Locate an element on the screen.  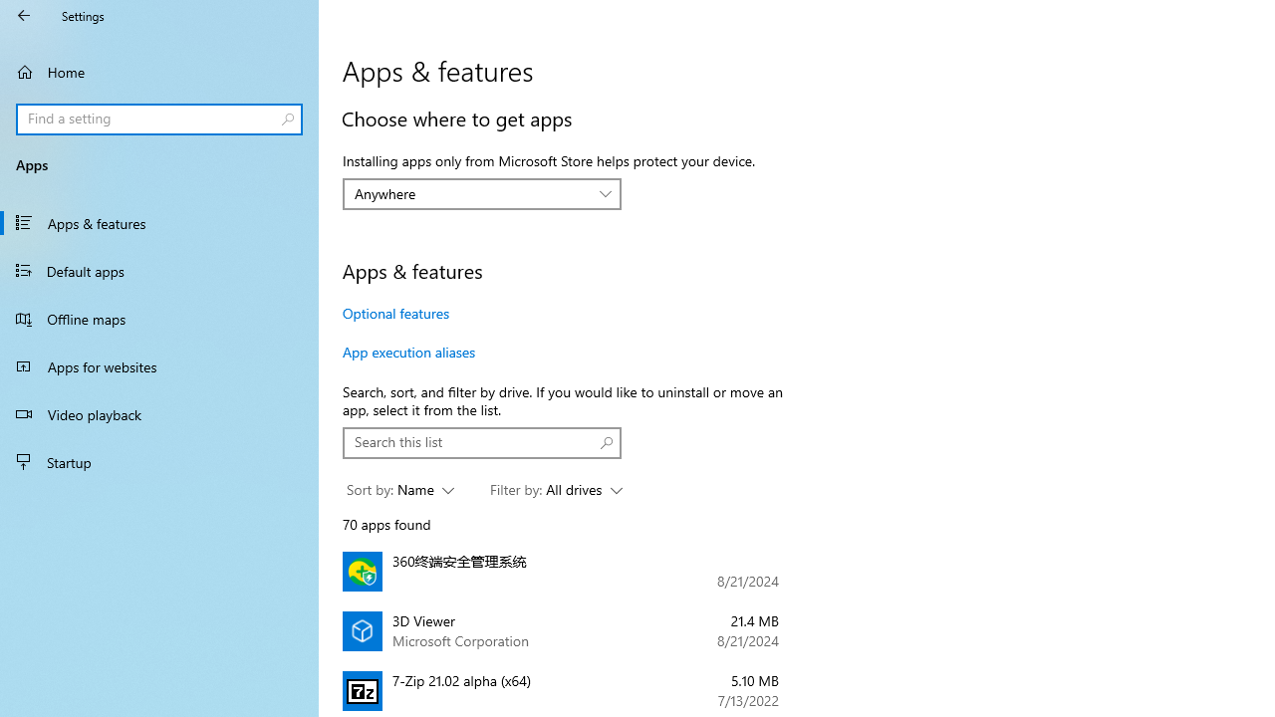
'Optional features' is located at coordinates (396, 313).